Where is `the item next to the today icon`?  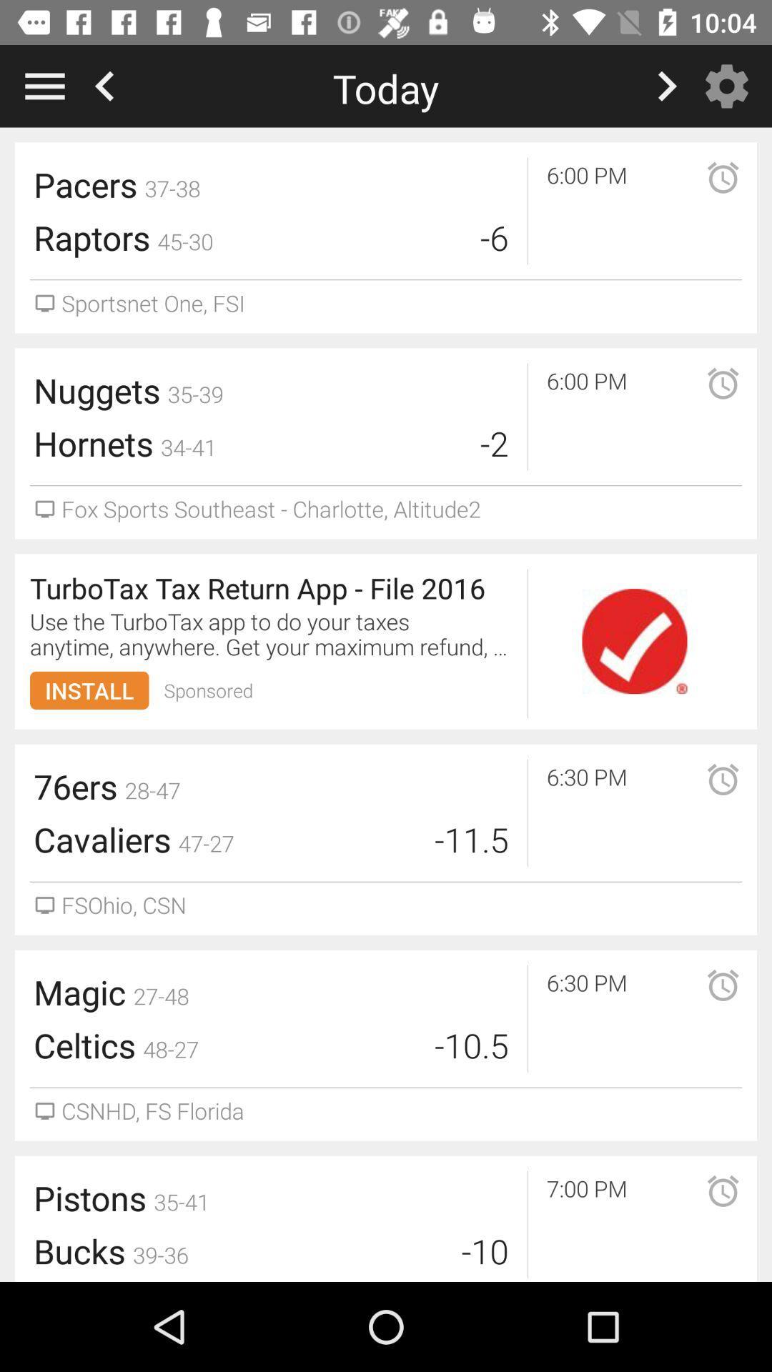
the item next to the today icon is located at coordinates (731, 85).